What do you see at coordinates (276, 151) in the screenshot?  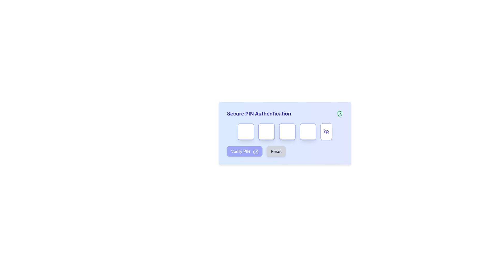 I see `the 'Reset' button, which is the second button in a horizontal group with rounded corners and a gray text label` at bounding box center [276, 151].